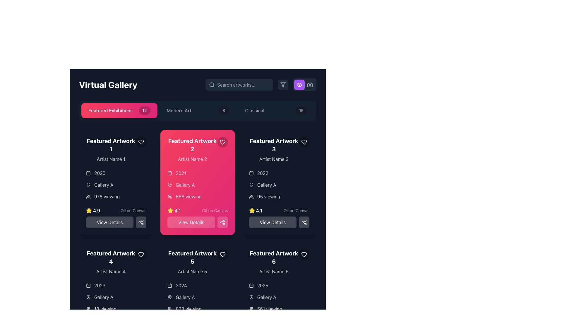  Describe the element at coordinates (262, 285) in the screenshot. I see `the text label displaying '2025', which is located within the 'Featured Artwork 6' card, positioned below the artwork's title and above the gallery location, following a calendar icon` at that location.